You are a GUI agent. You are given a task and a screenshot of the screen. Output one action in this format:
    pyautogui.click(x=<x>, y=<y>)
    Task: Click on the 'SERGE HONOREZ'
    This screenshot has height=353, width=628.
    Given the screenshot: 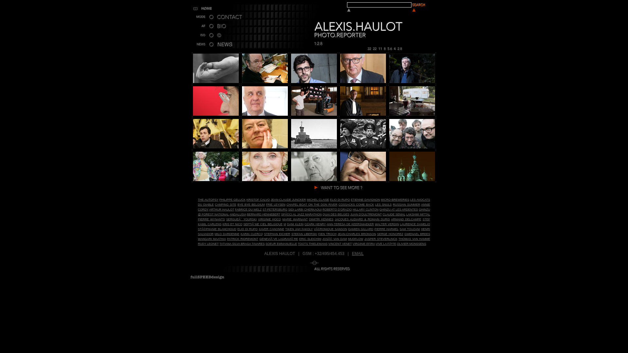 What is the action you would take?
    pyautogui.click(x=377, y=234)
    